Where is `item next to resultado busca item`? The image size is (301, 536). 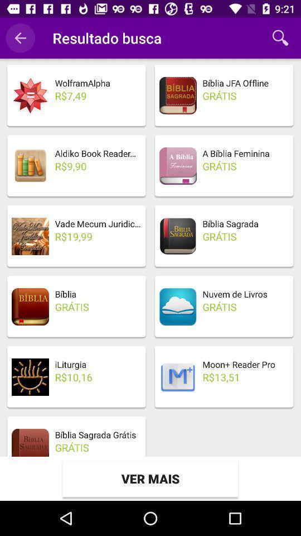
item next to resultado busca item is located at coordinates (20, 38).